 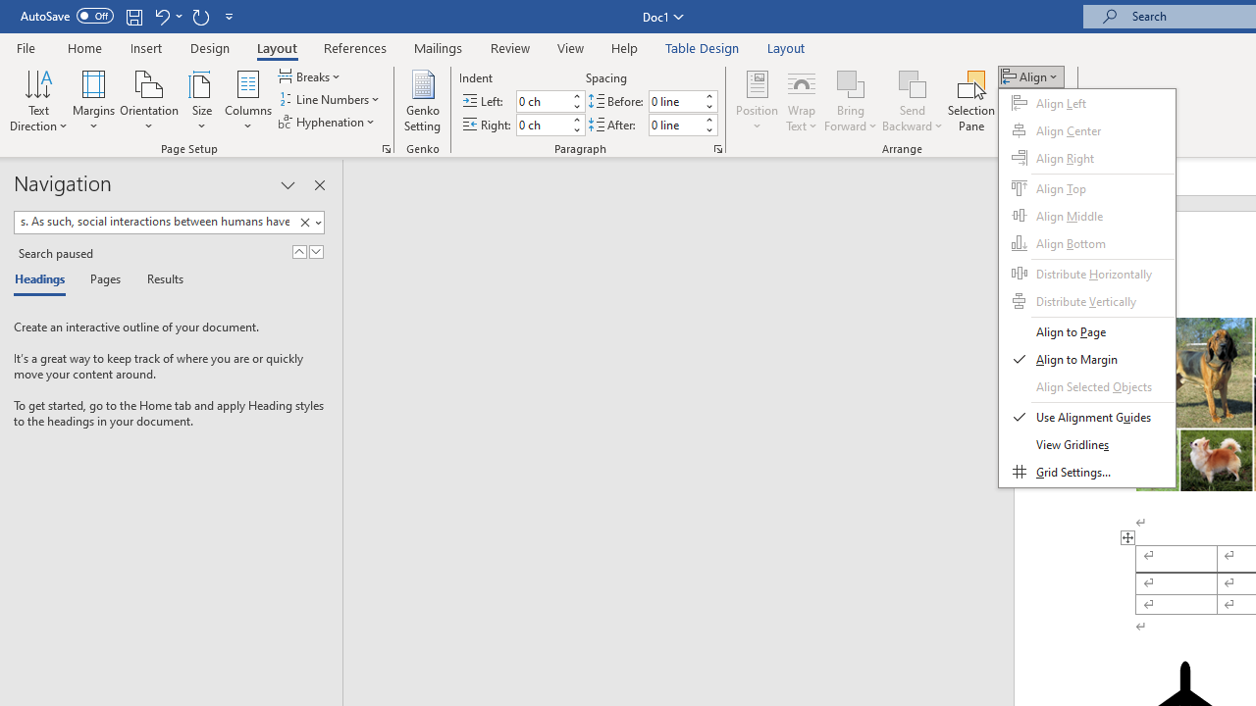 I want to click on 'Size', so click(x=202, y=101).